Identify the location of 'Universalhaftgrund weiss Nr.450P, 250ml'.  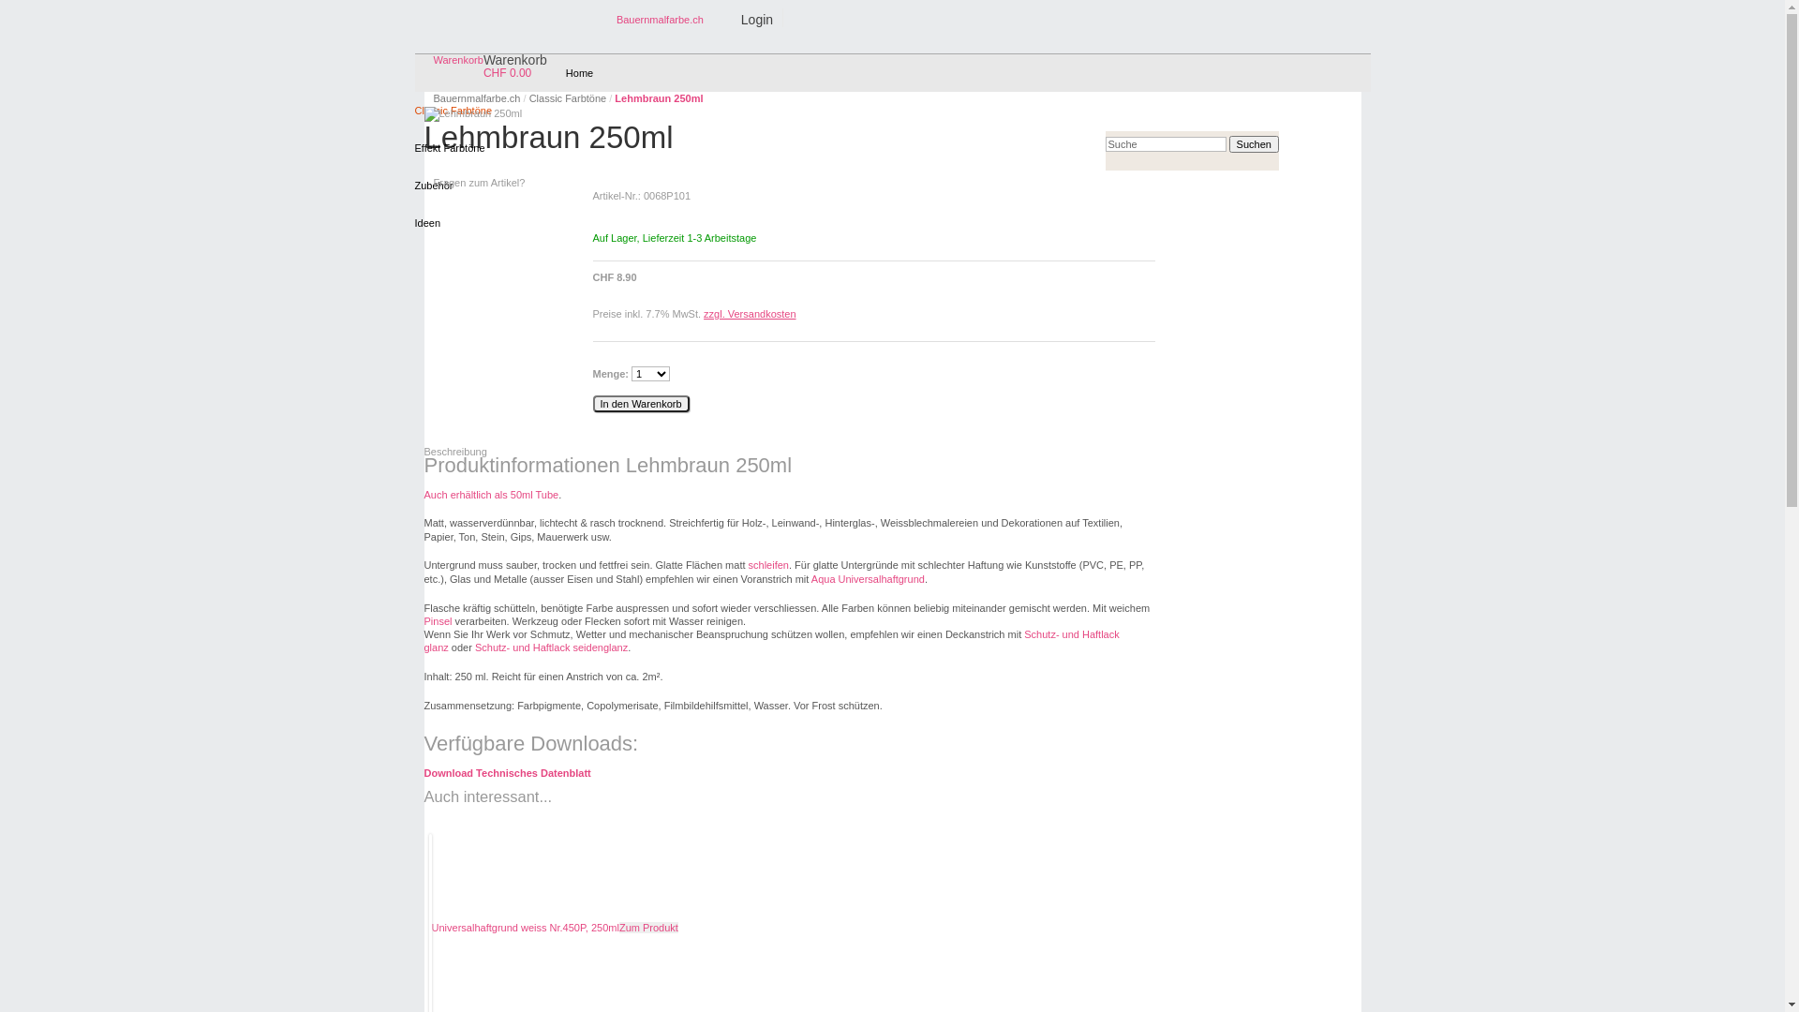
(525, 928).